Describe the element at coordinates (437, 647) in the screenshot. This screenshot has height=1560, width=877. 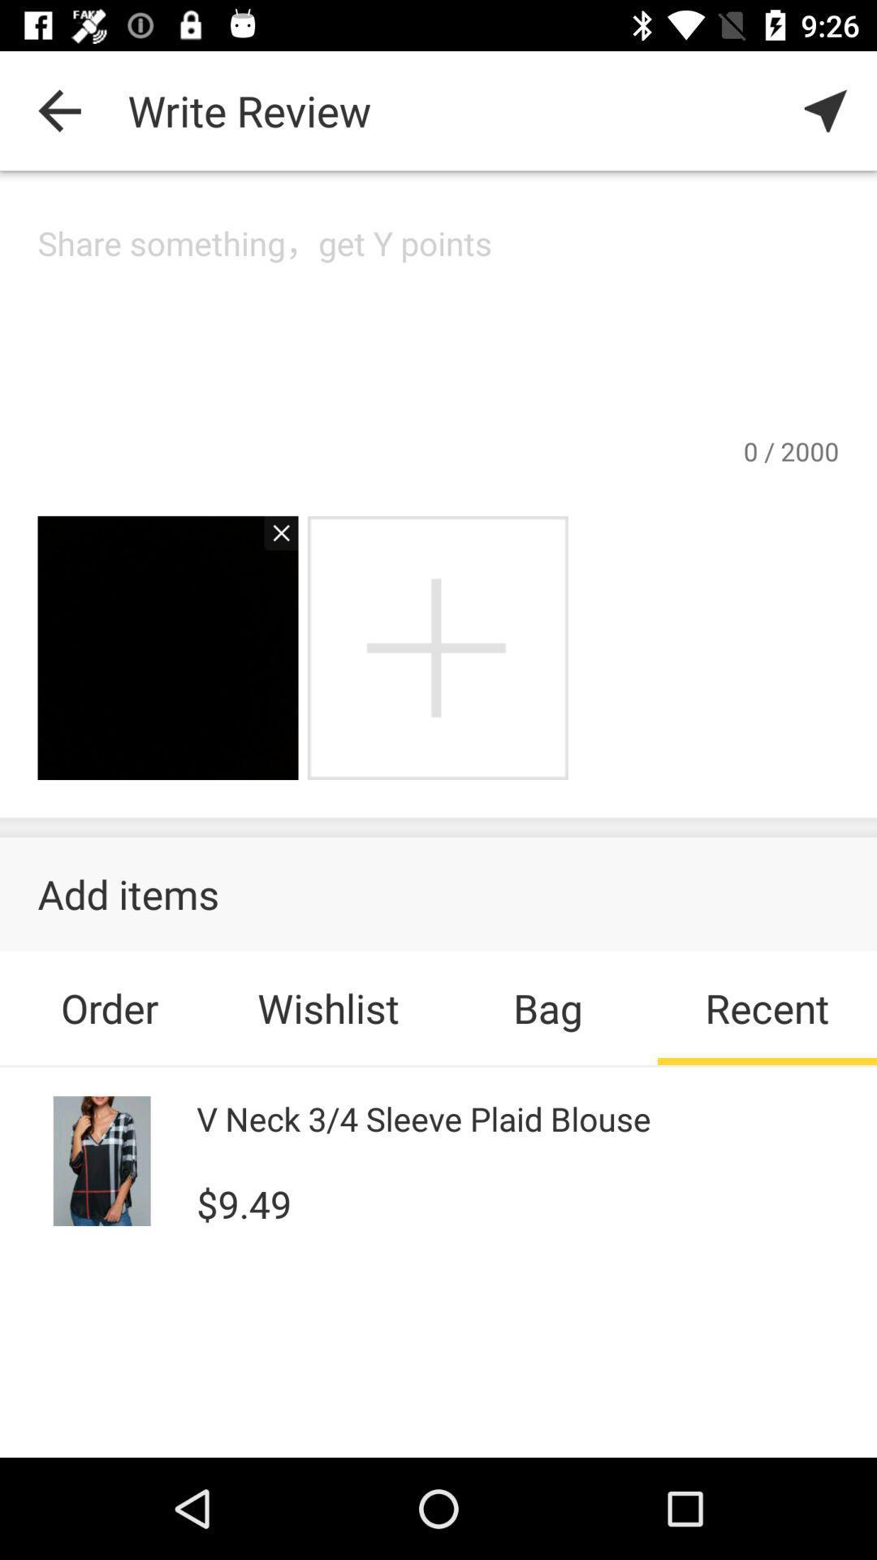
I see `new item` at that location.